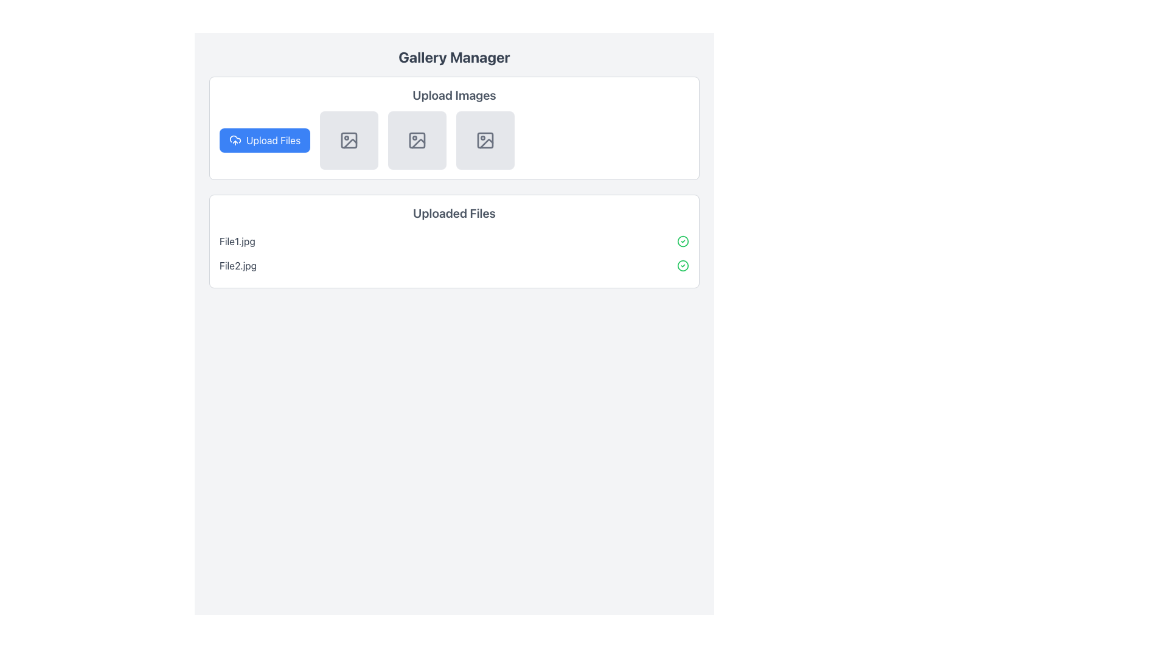 This screenshot has width=1168, height=657. Describe the element at coordinates (349, 140) in the screenshot. I see `the icon representing an image-related action located under the 'Upload Images' section` at that location.